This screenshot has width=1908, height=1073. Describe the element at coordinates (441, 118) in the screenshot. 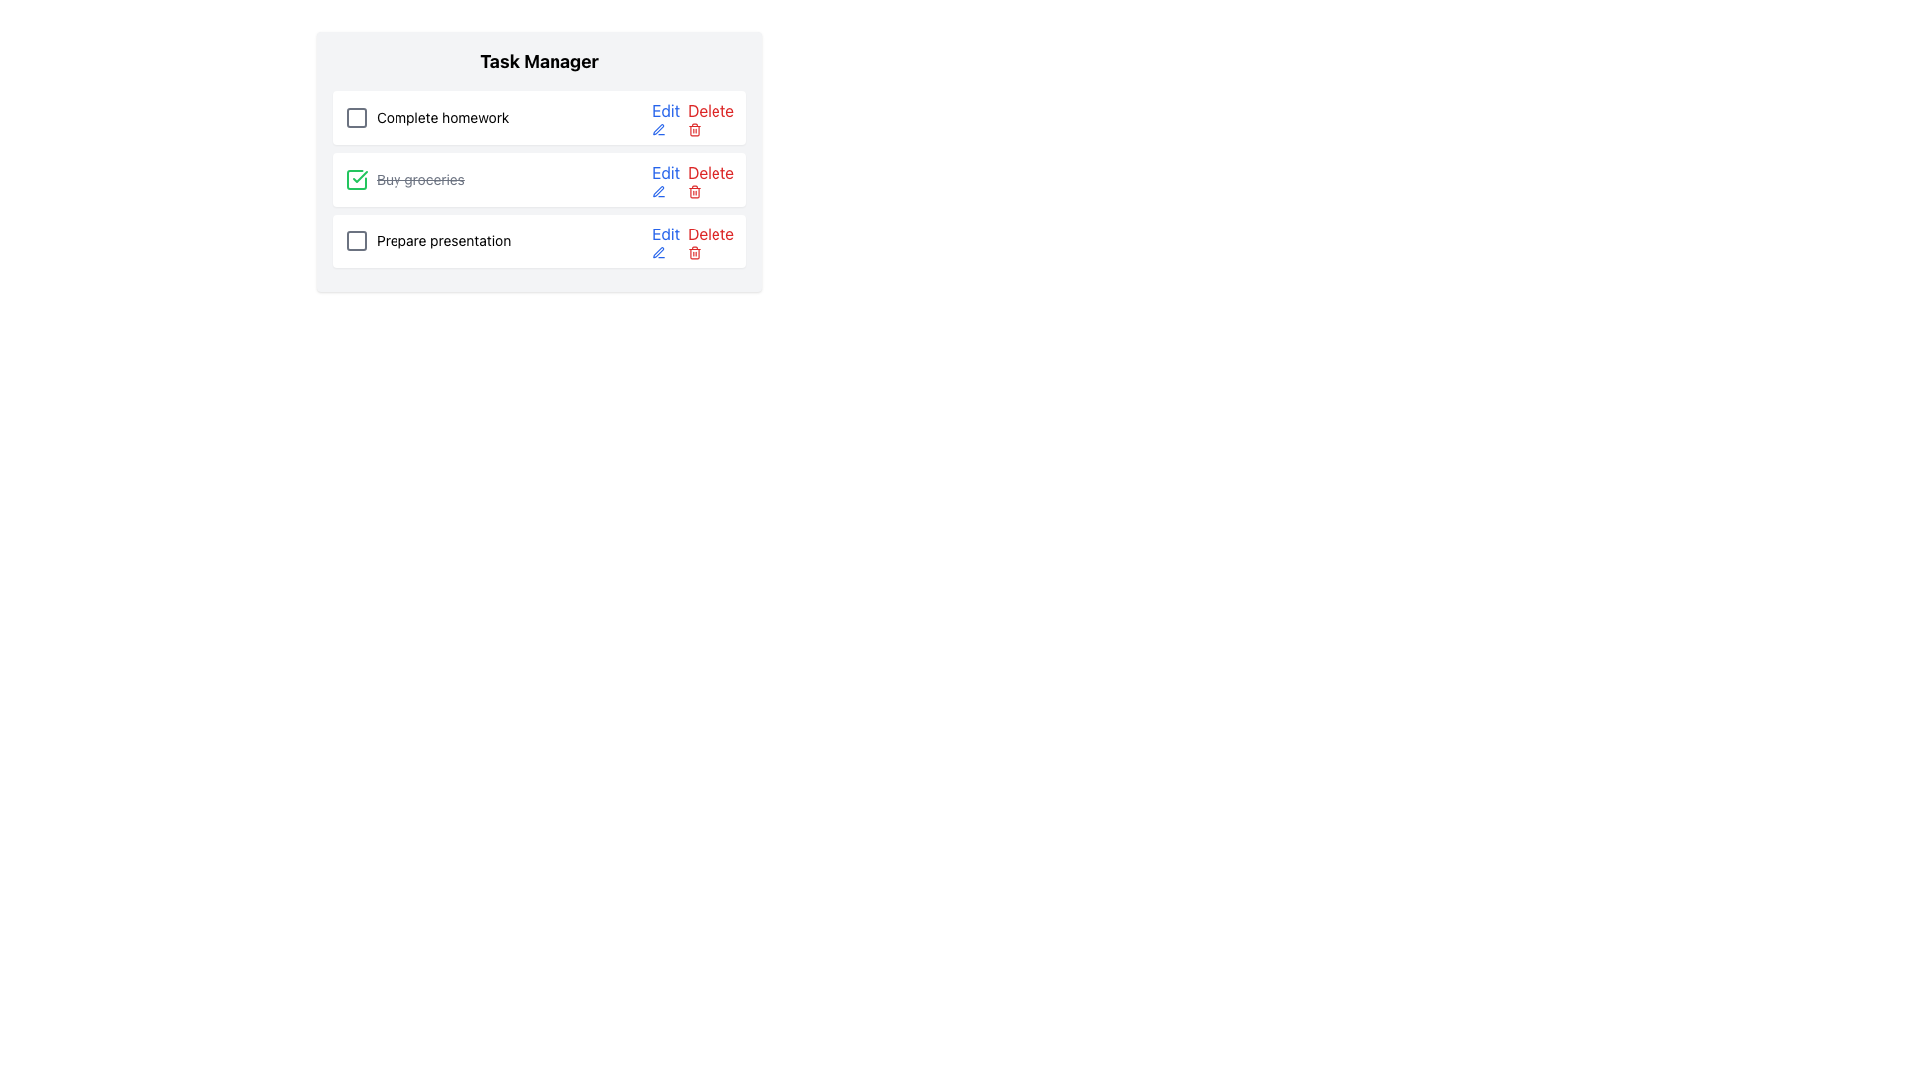

I see `text from the Text Label that describes the task, located immediately after the checkbox in the first task entry of the task manager interface` at that location.